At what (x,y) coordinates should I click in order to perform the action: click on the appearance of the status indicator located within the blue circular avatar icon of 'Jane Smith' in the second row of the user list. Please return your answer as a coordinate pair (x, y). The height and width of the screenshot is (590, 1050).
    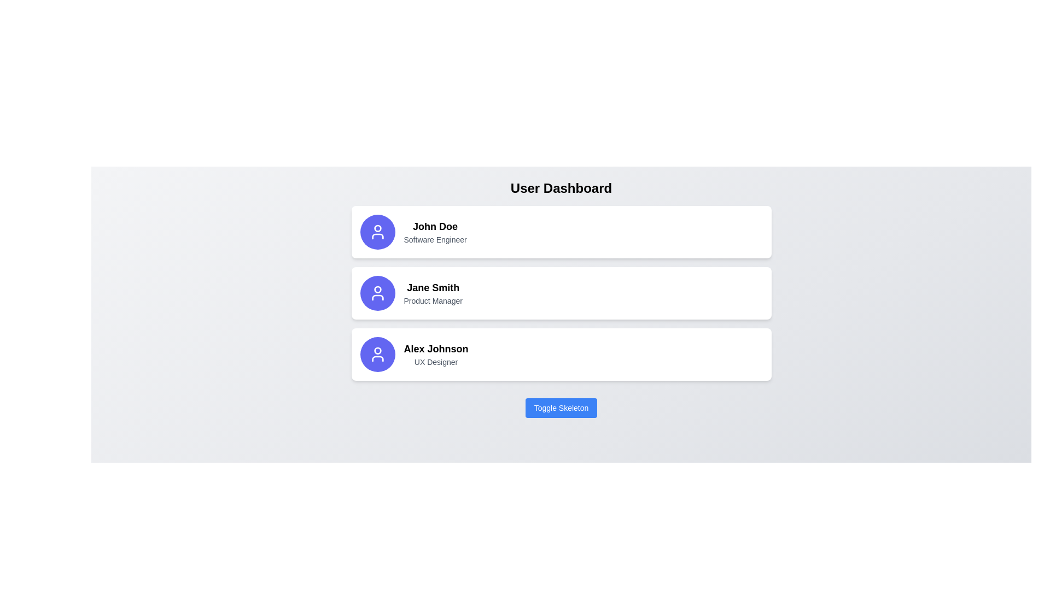
    Looking at the image, I should click on (377, 289).